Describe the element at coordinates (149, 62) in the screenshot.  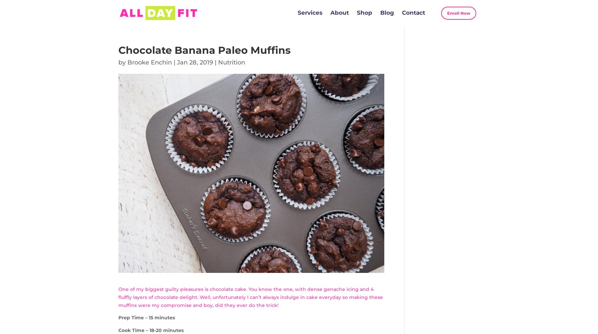
I see `'Brooke Enchin'` at that location.